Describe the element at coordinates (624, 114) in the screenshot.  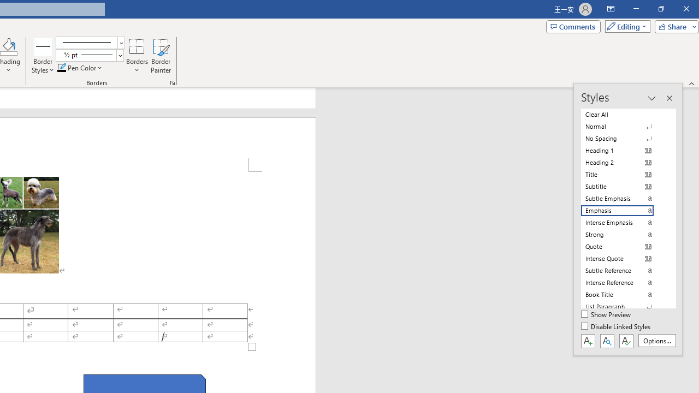
I see `'Clear All'` at that location.